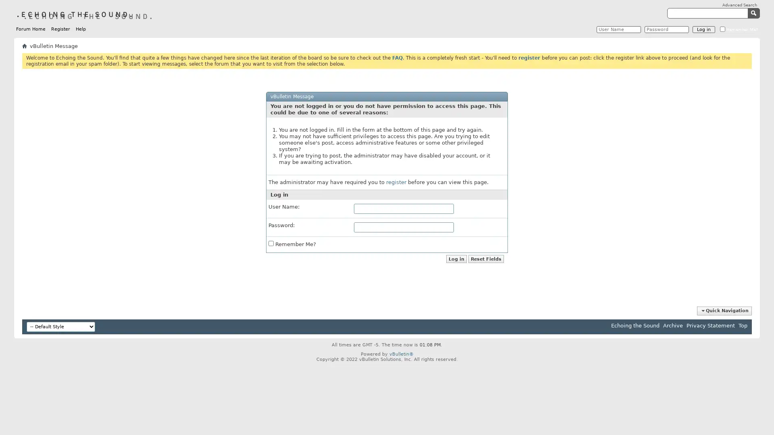  I want to click on Log in, so click(703, 29).